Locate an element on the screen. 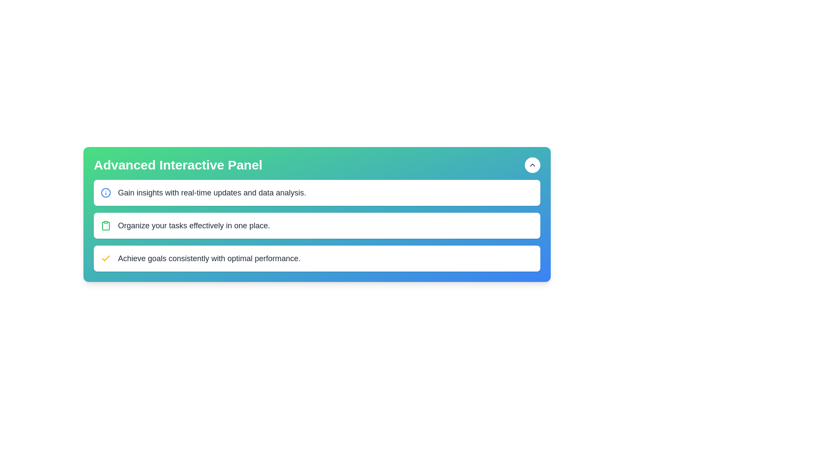 This screenshot has width=830, height=467. the SVG icon located to the left of the text 'Achieve goals consistently with optimal performance.' in the third line of the 'Advanced Interactive Panel' to understand its message is located at coordinates (105, 258).